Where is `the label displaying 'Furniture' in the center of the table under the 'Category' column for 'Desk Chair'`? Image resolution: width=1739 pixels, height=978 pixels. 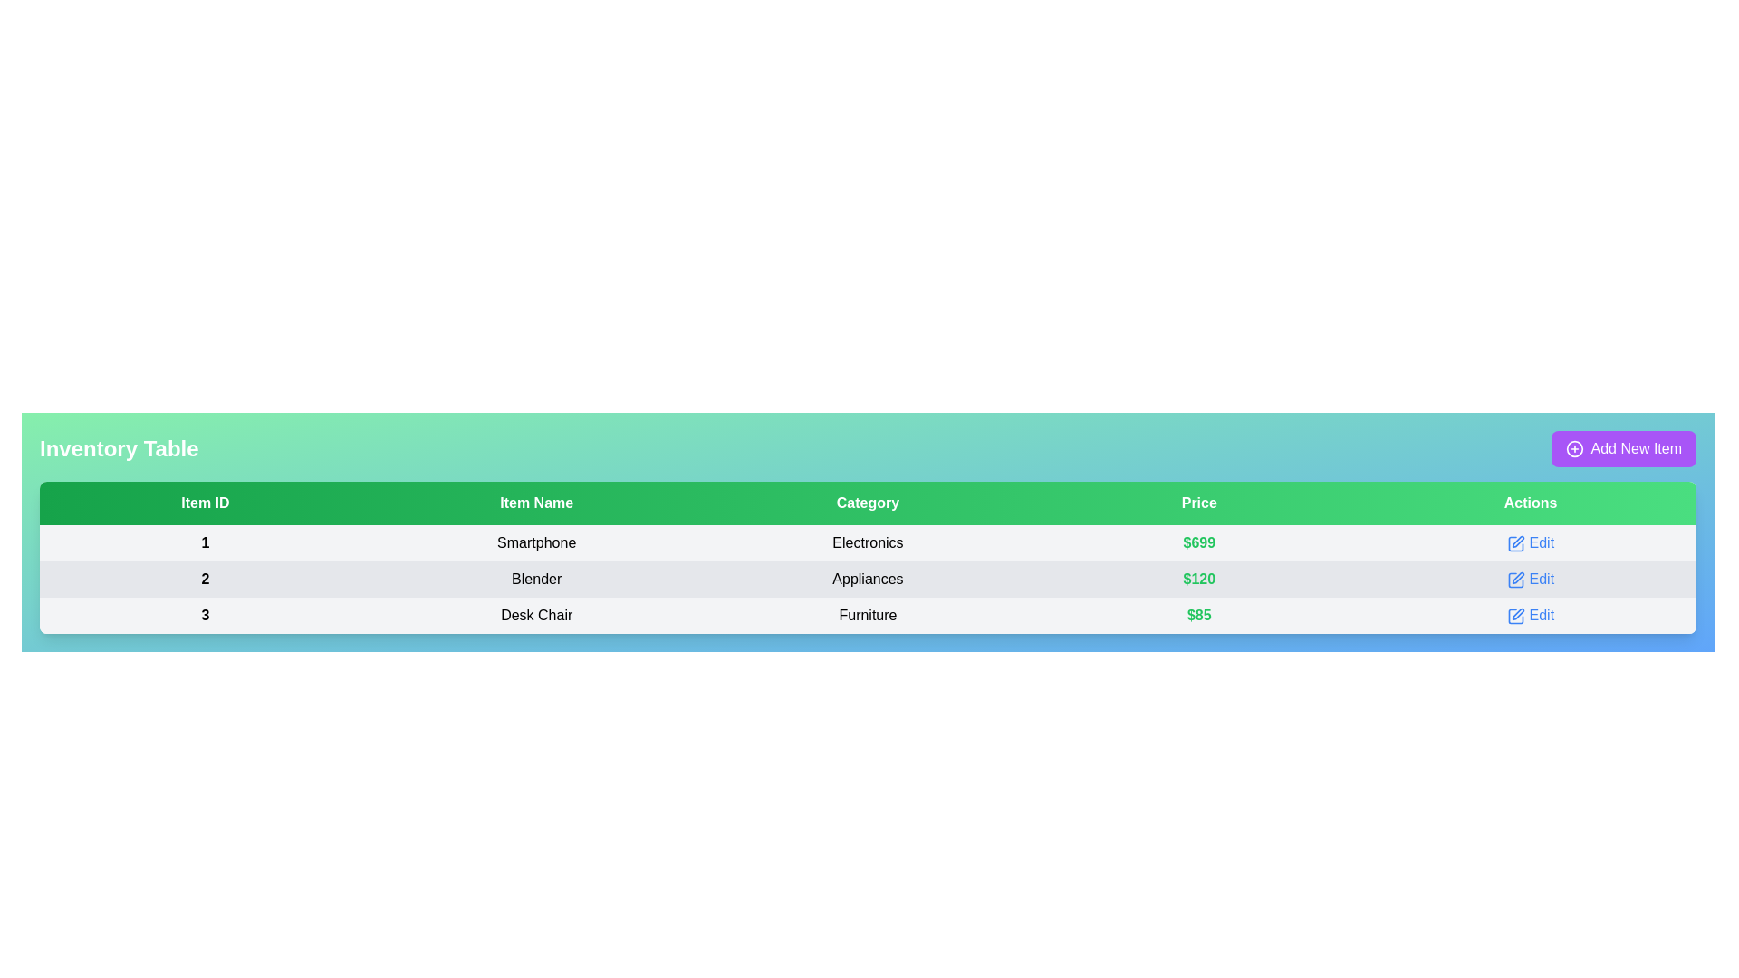 the label displaying 'Furniture' in the center of the table under the 'Category' column for 'Desk Chair' is located at coordinates (867, 614).